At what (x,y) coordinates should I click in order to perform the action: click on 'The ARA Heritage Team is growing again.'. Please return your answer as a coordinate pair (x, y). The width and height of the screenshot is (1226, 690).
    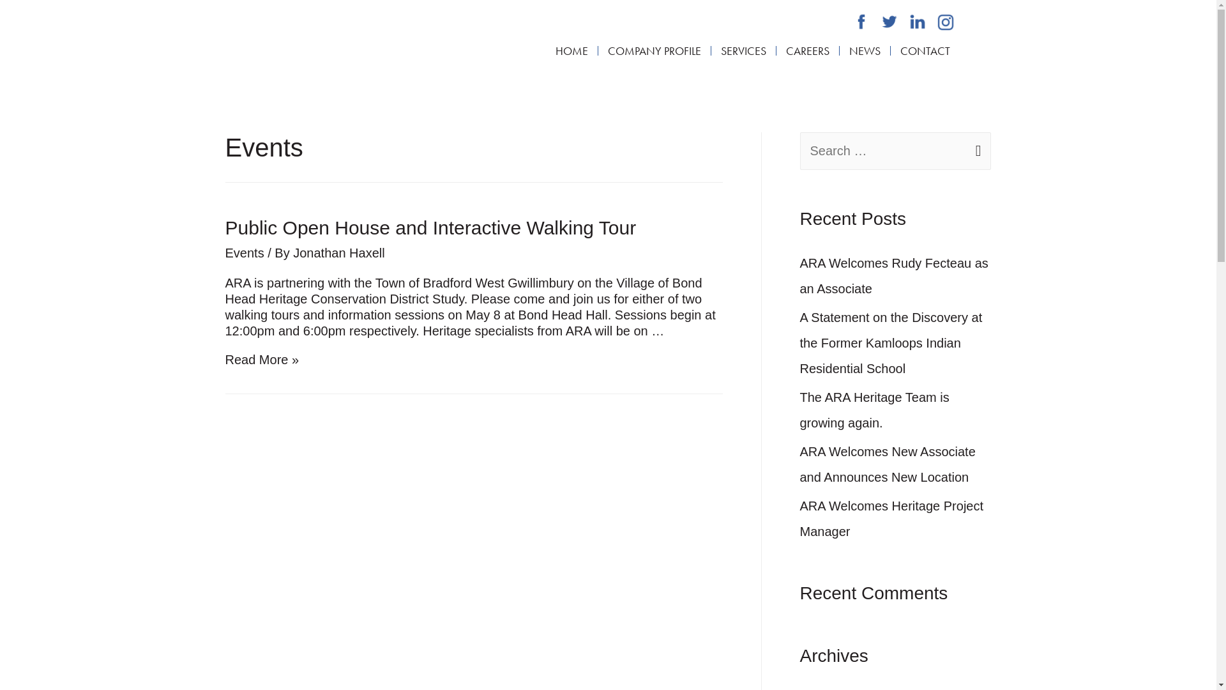
    Looking at the image, I should click on (873, 410).